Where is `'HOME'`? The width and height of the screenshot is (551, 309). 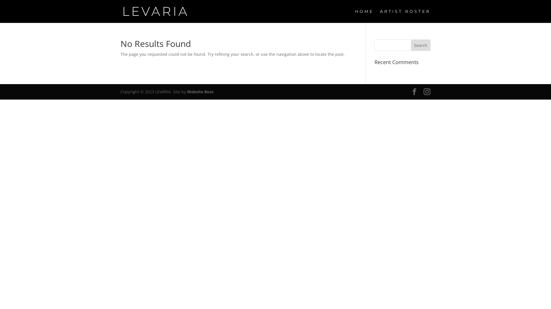 'HOME' is located at coordinates (364, 16).